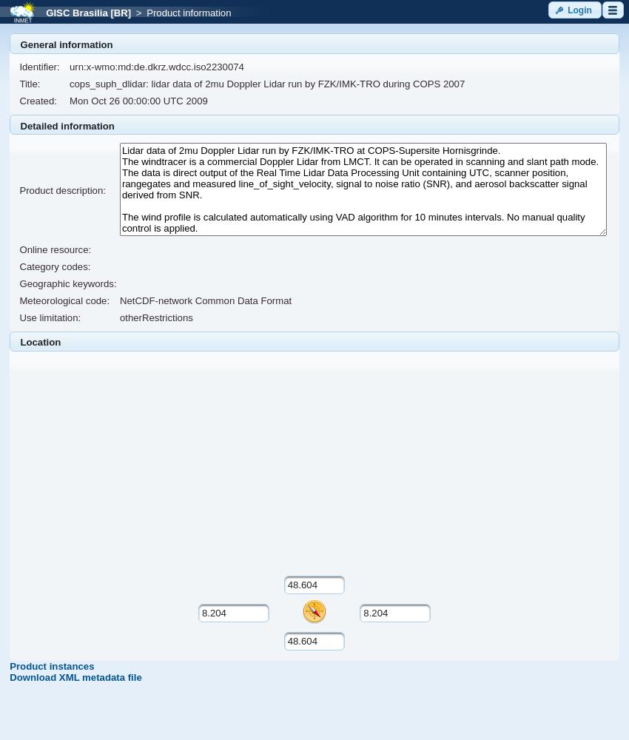 The width and height of the screenshot is (629, 740). What do you see at coordinates (137, 101) in the screenshot?
I see `'Mon Oct 26 00:00:00 UTC 2009'` at bounding box center [137, 101].